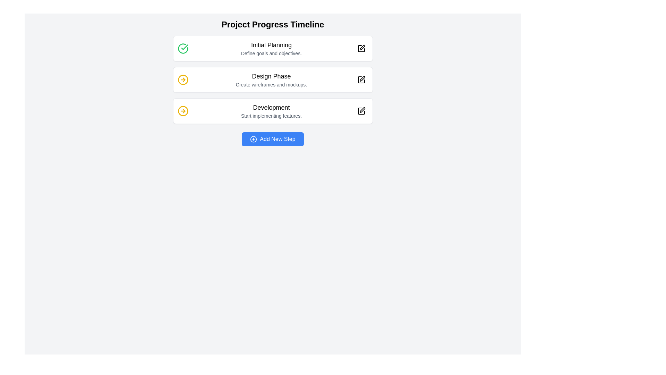 This screenshot has width=666, height=375. Describe the element at coordinates (185, 47) in the screenshot. I see `the green checkmark icon with a red overlay that indicates the status of the 'Initial Planning' step in the progress tracker` at that location.